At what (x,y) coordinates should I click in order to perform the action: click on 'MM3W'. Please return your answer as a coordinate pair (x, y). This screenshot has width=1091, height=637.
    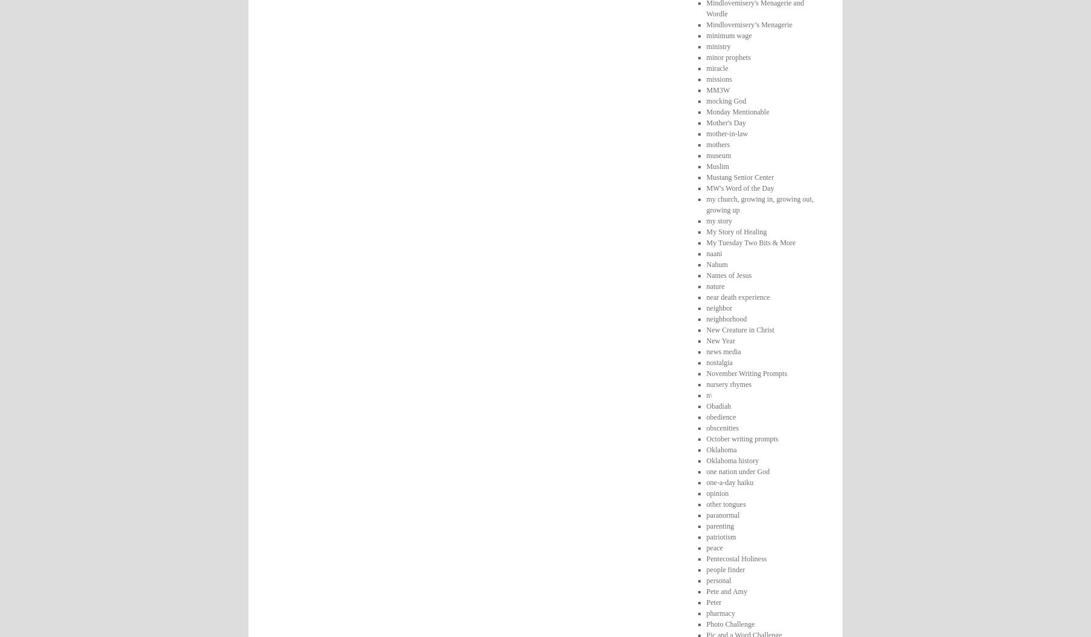
    Looking at the image, I should click on (717, 89).